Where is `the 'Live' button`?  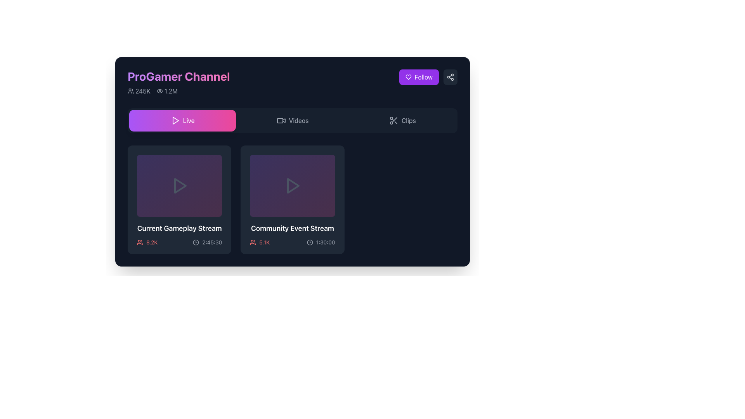
the 'Live' button is located at coordinates (182, 121).